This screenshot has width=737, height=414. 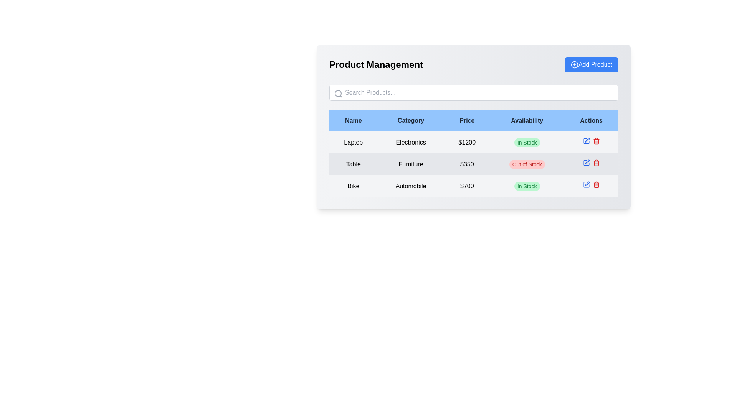 I want to click on the delete icon located in the 'Actions' column of the product management table, specifically the third item in the row for 'Table' product, so click(x=596, y=162).